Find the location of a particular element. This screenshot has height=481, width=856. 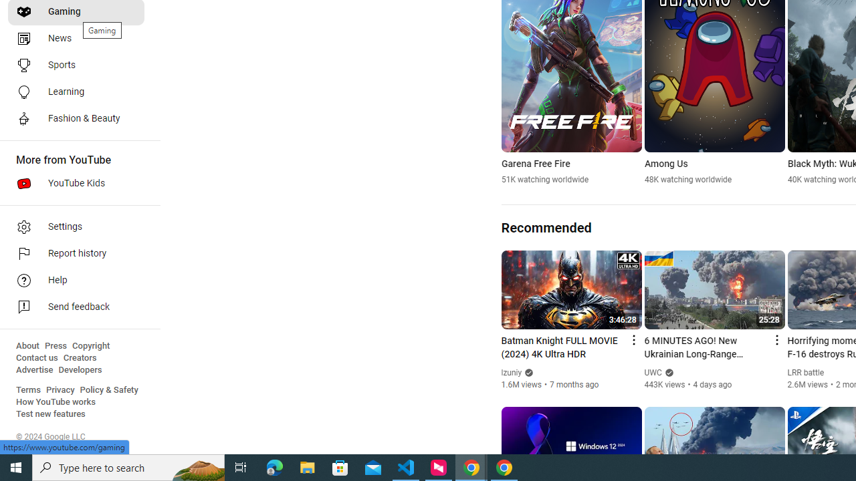

'LRR battle' is located at coordinates (805, 373).